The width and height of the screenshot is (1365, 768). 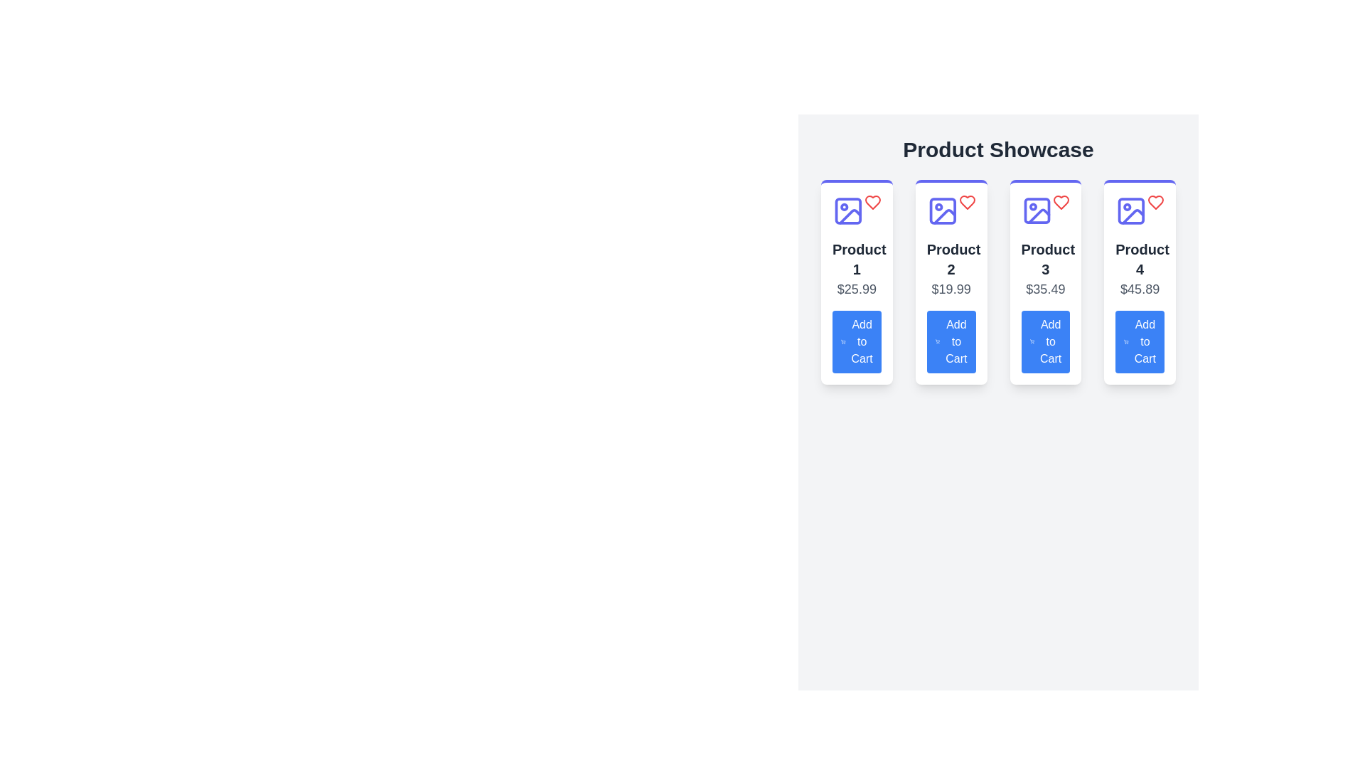 I want to click on the decorative icon located at the top of the second product card from the left, above the product title and price, so click(x=951, y=211).